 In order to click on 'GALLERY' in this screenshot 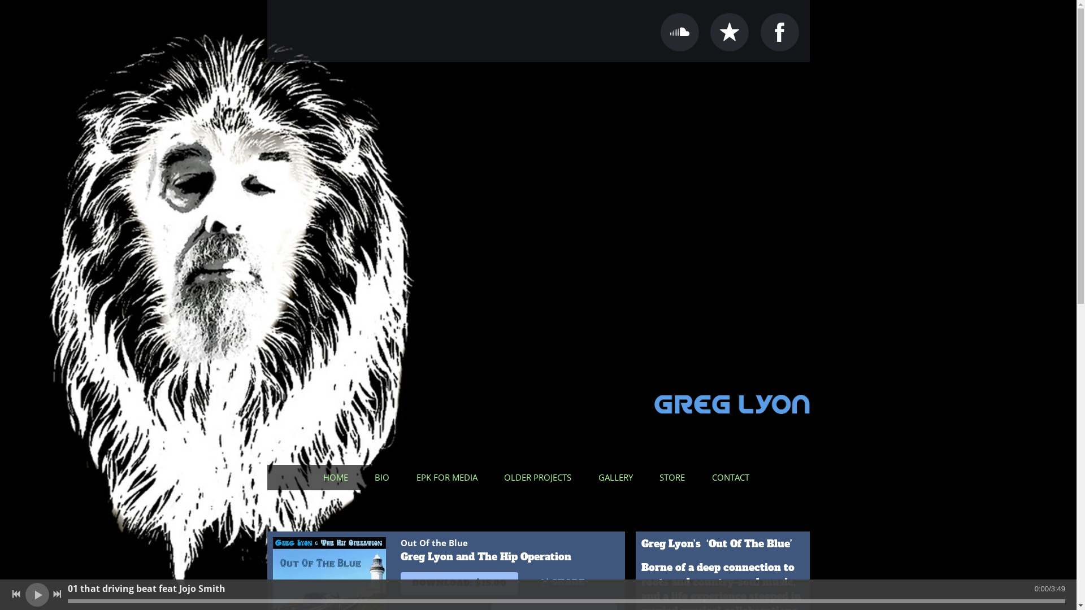, I will do `click(617, 477)`.